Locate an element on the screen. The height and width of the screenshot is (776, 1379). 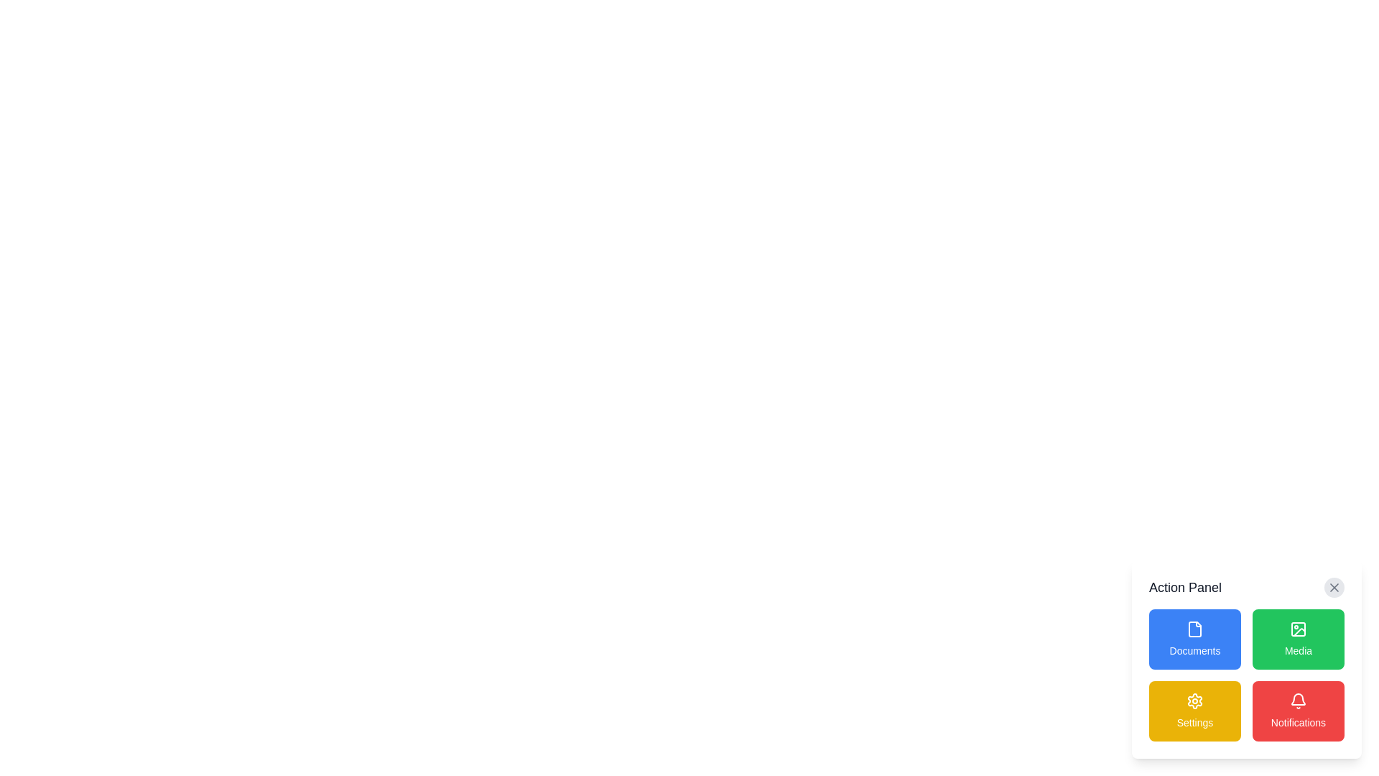
the 'Documents' icon button located in the blue button that signifies access to document-related features is located at coordinates (1195, 628).